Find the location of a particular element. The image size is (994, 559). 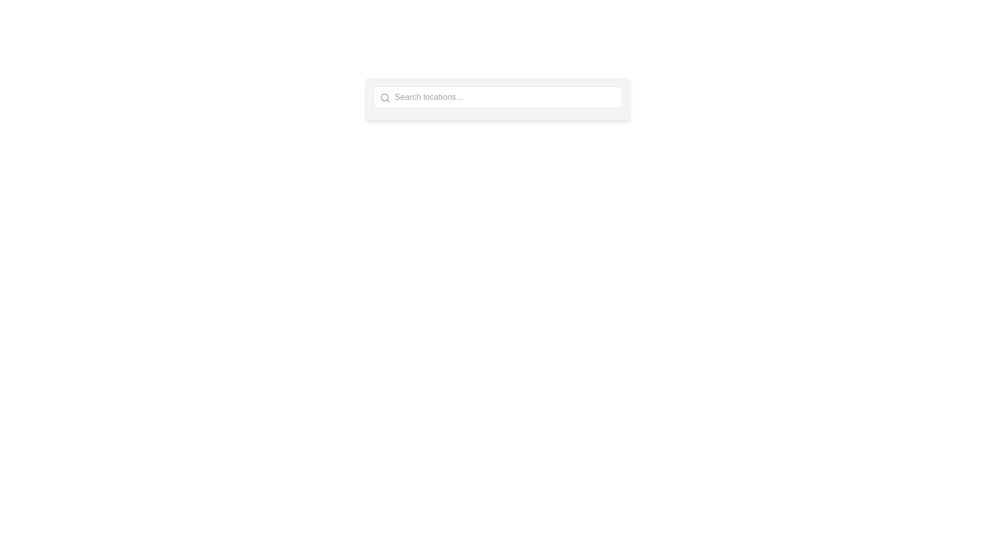

the circular graphical component of the search icon located within the left margin area of the search input field is located at coordinates (384, 97).